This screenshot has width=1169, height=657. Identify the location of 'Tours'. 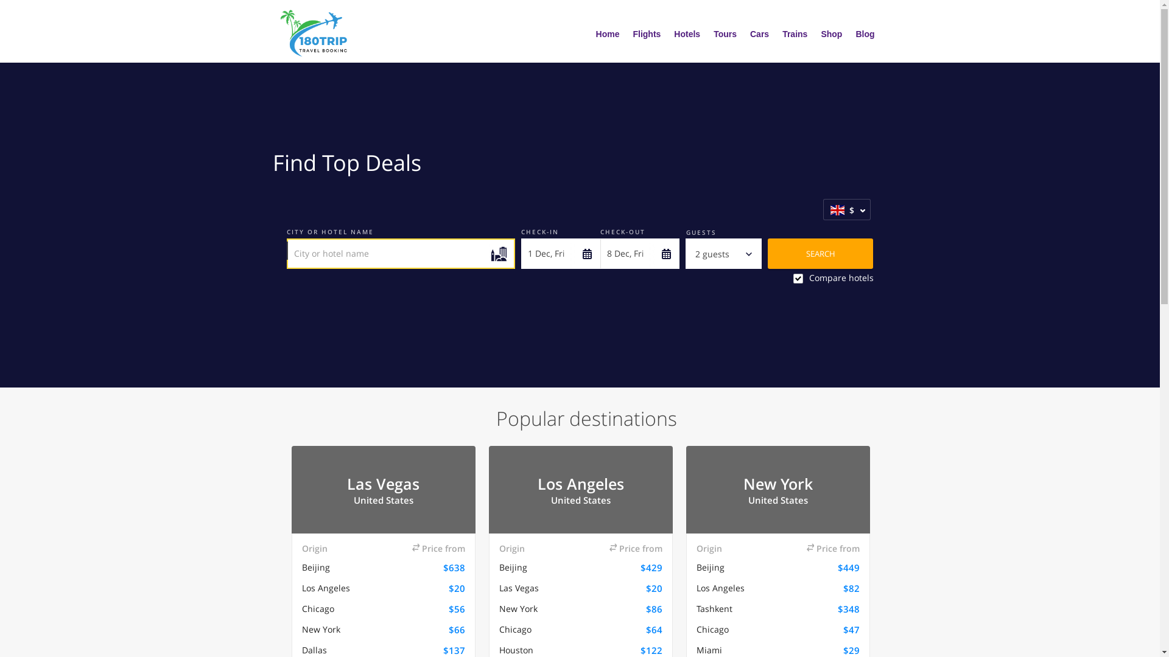
(725, 34).